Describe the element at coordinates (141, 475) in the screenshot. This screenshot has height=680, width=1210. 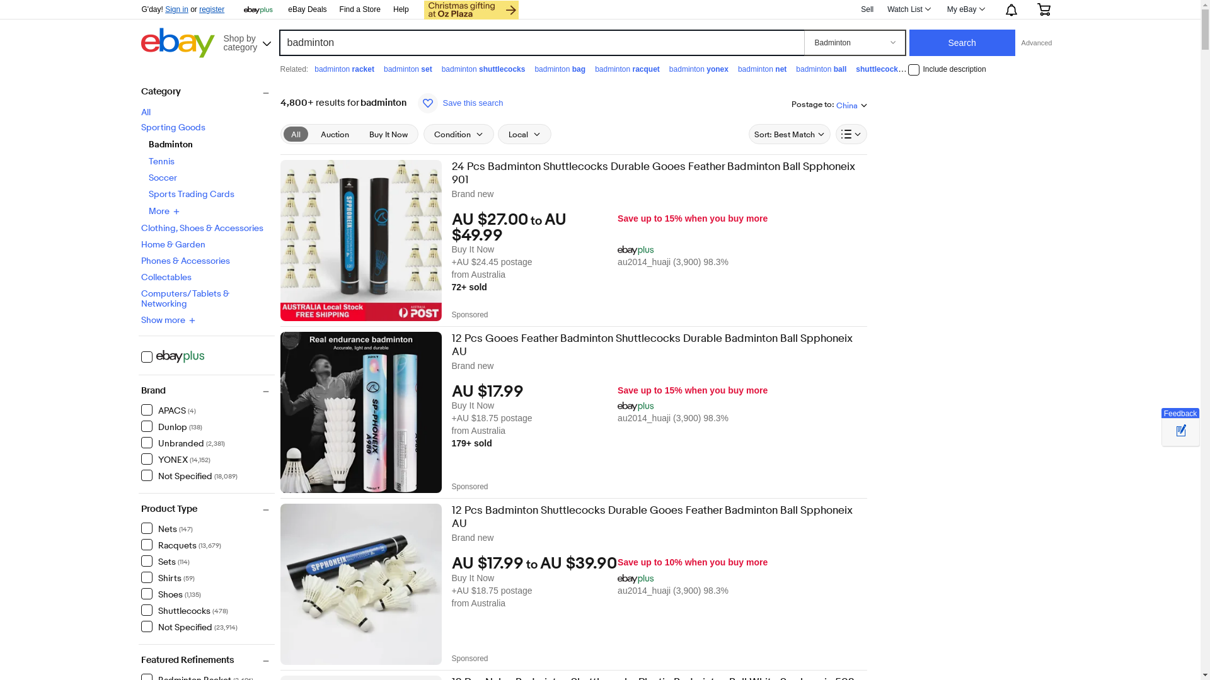
I see `'Not Specified` at that location.